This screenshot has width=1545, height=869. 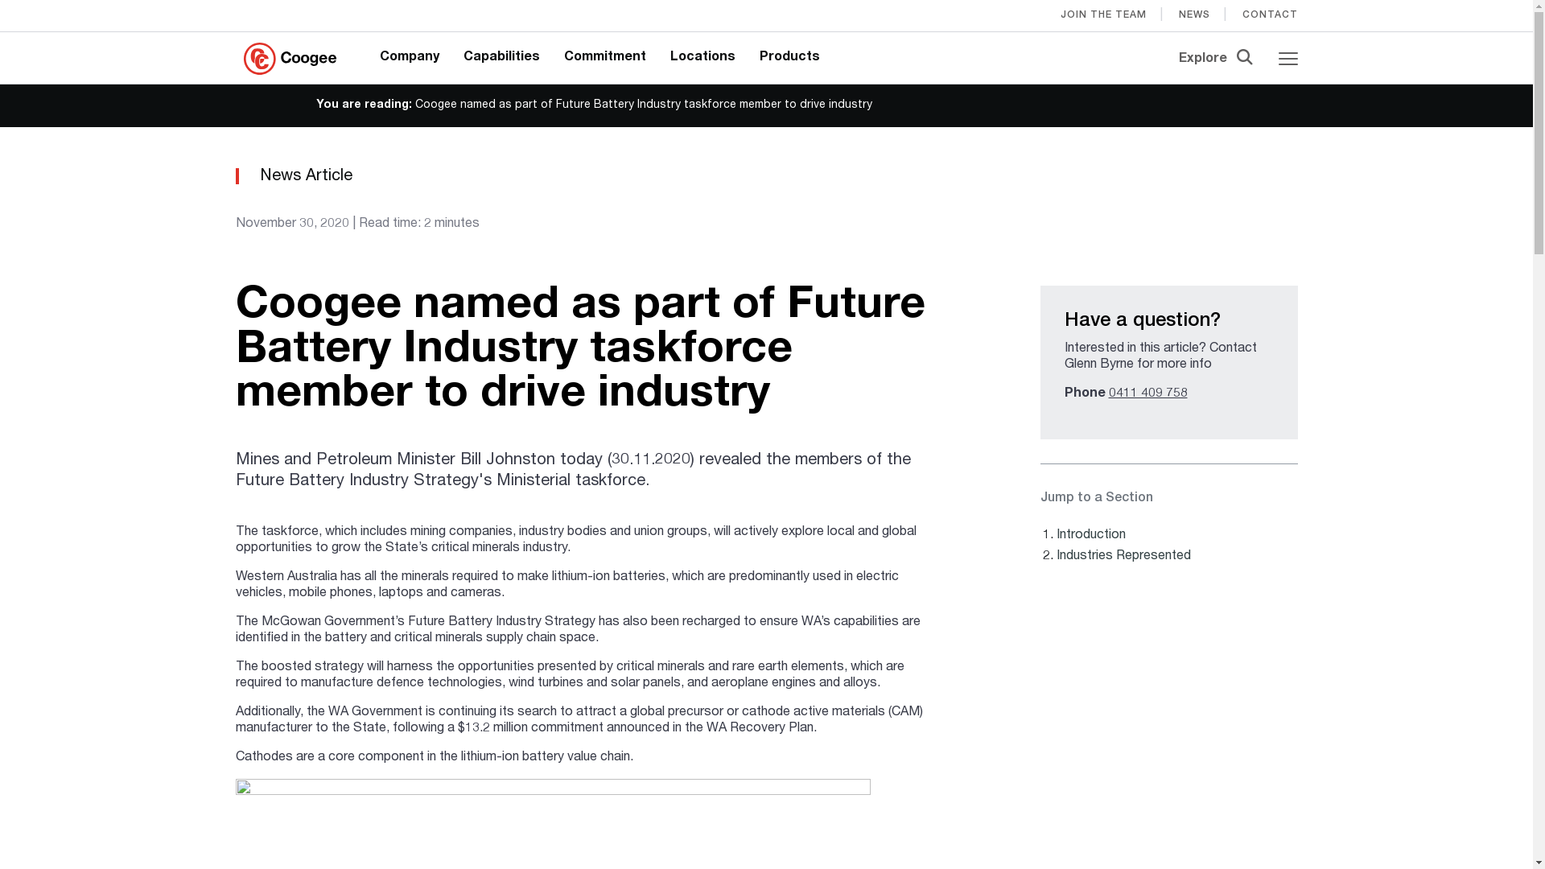 I want to click on 'CONTACT', so click(x=1242, y=15).